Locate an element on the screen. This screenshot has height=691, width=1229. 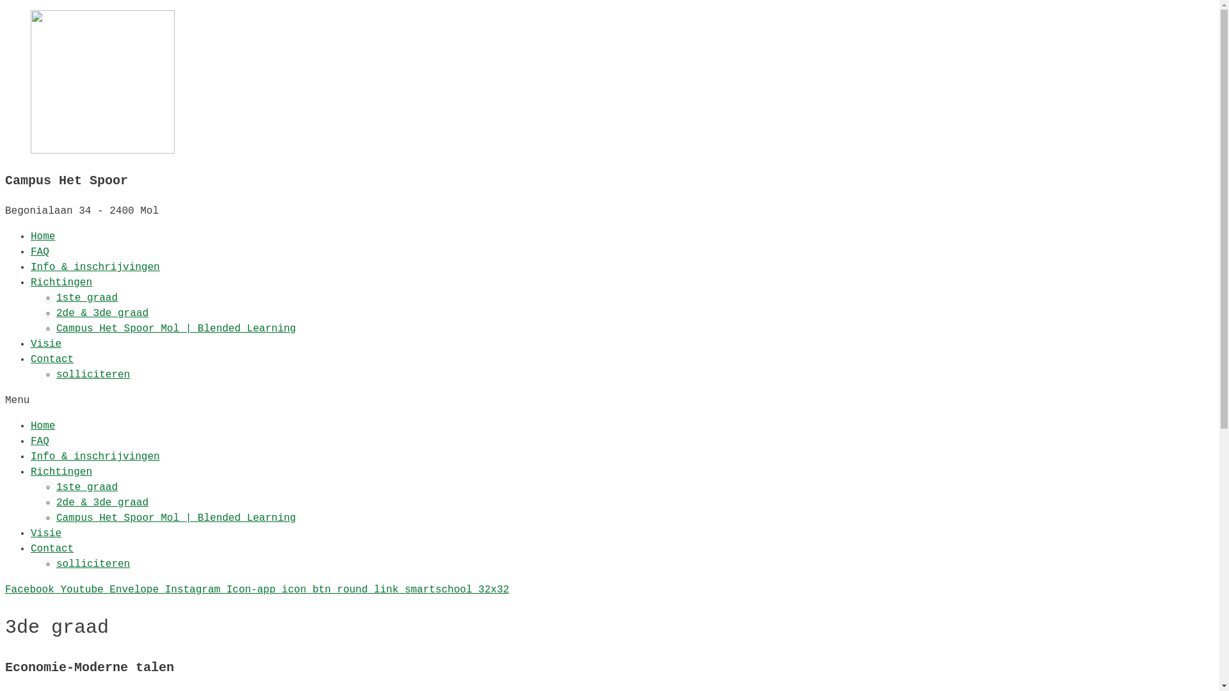
'Home' is located at coordinates (43, 426).